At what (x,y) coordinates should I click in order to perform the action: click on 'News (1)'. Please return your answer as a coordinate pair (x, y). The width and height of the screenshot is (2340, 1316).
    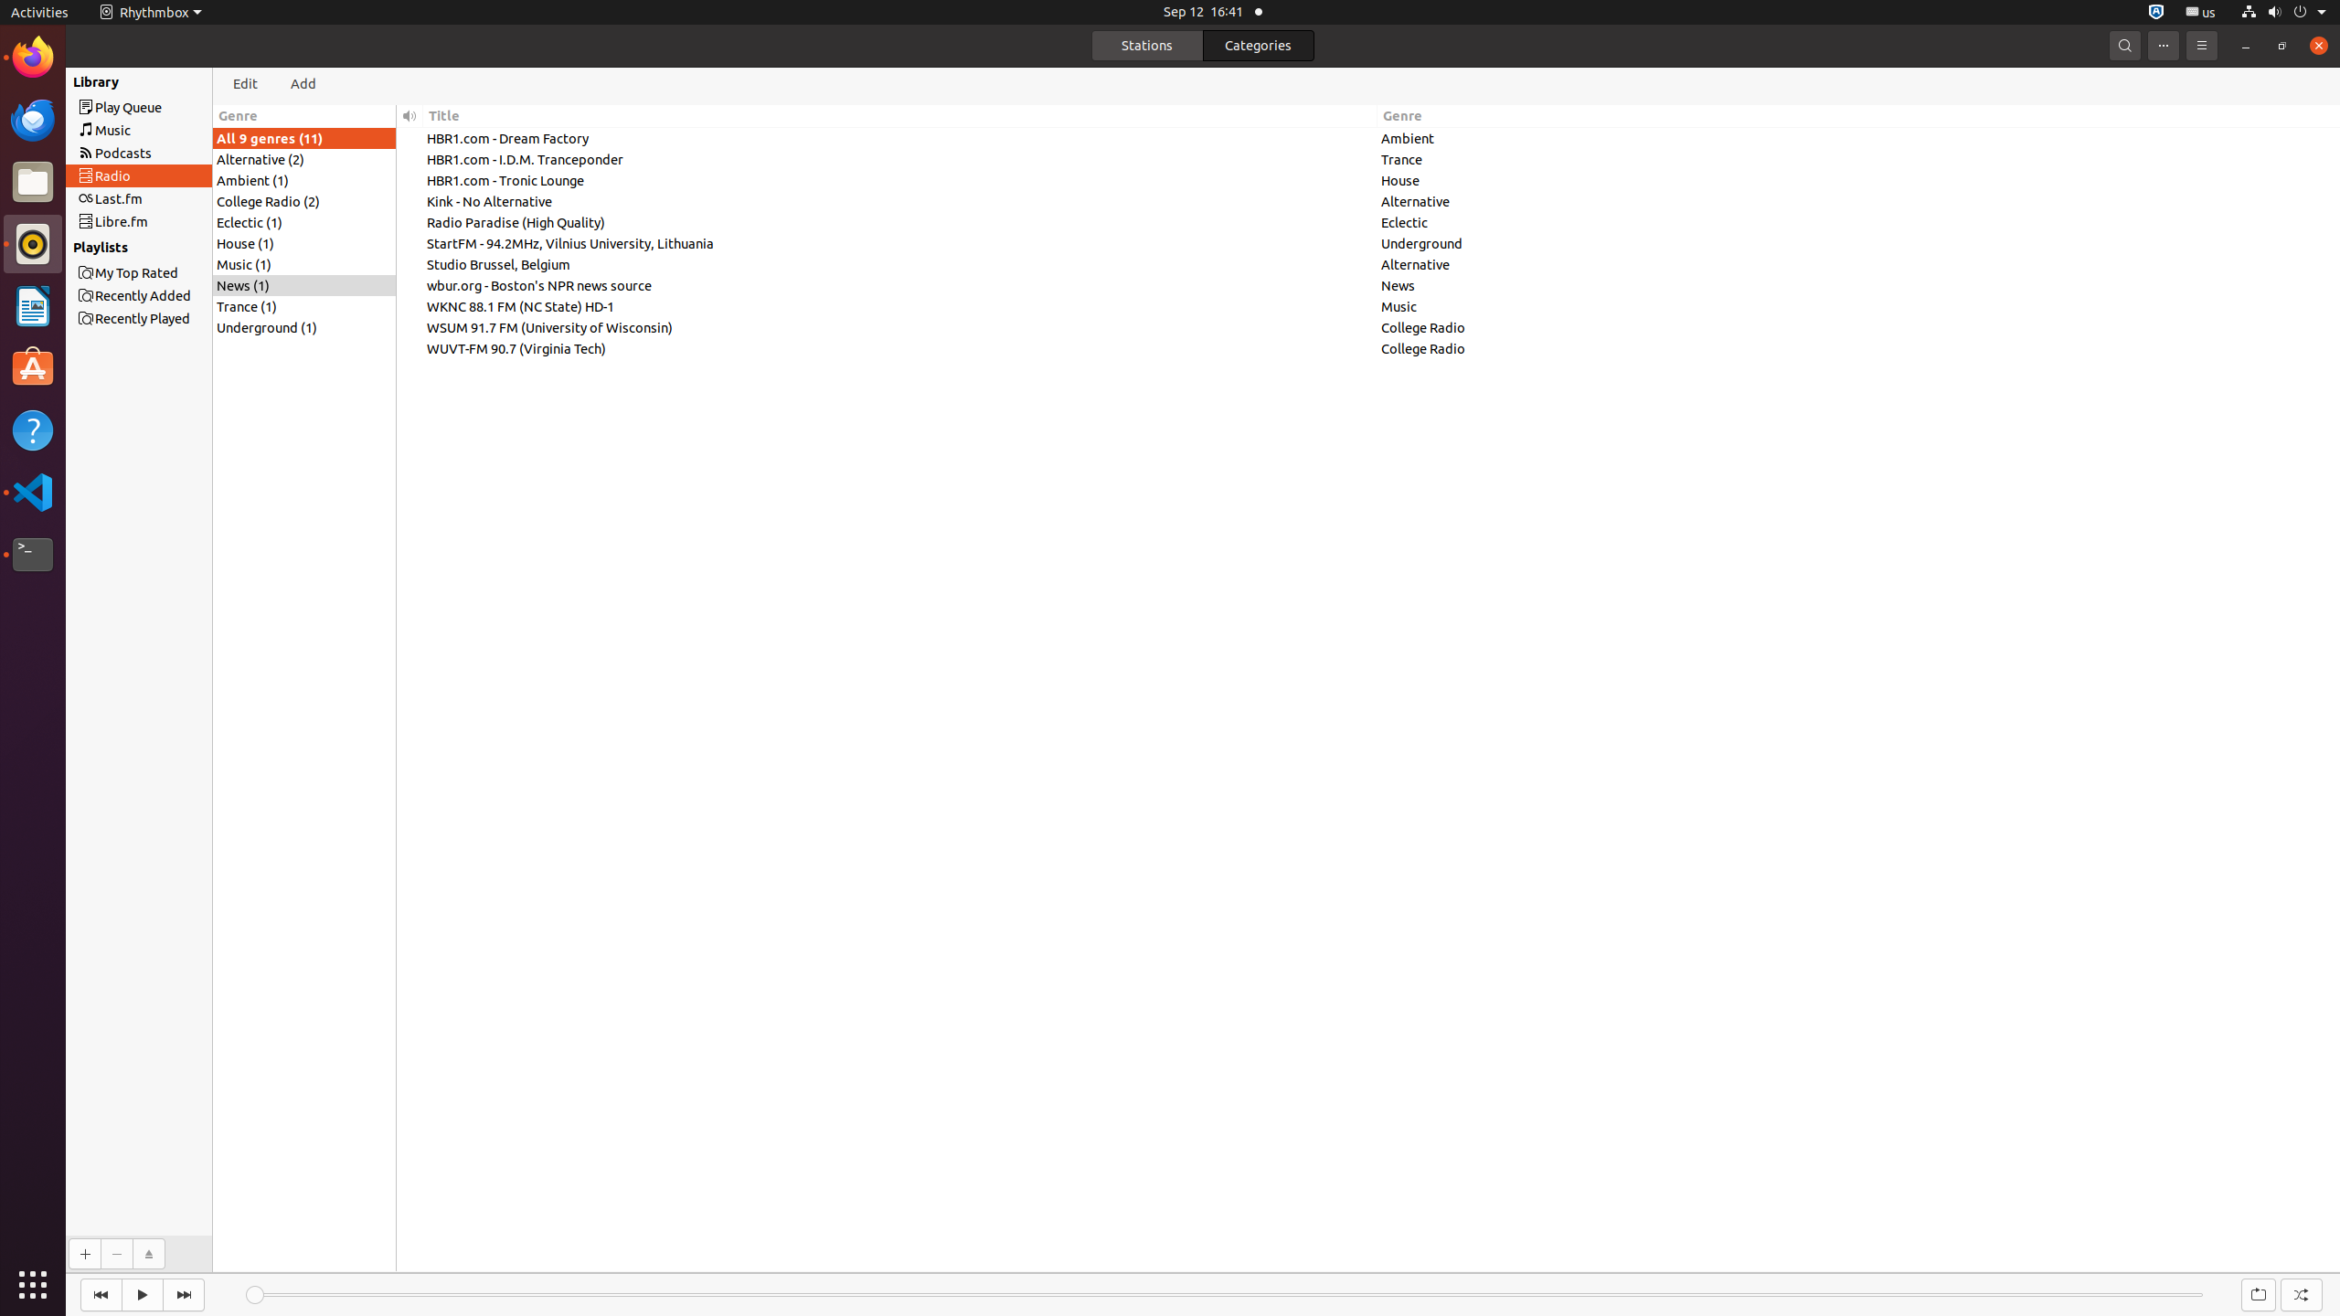
    Looking at the image, I should click on (304, 284).